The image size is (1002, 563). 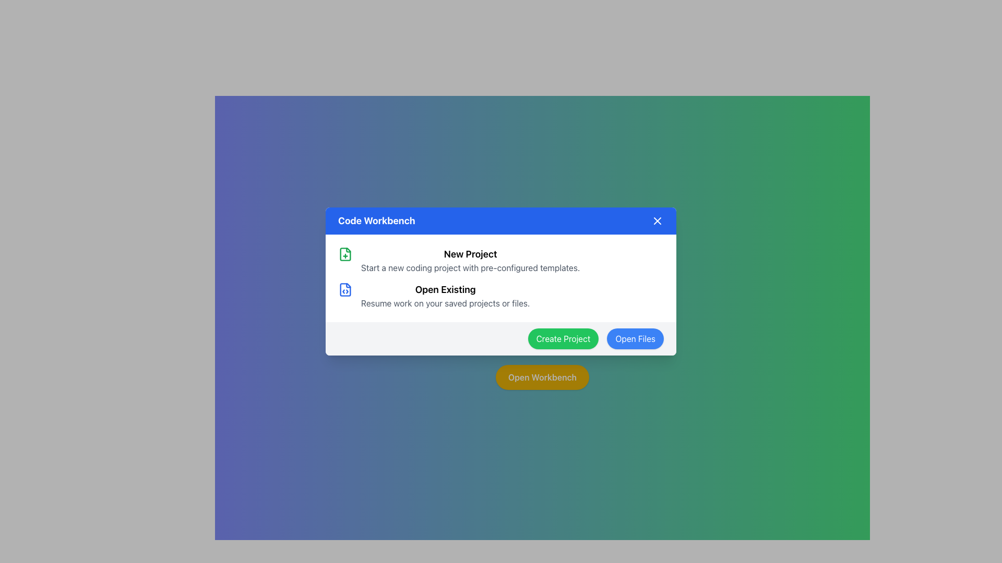 I want to click on the text label that reads 'Resume work on your saved projects or files.' located beneath the heading 'Open Existing' in the 'Code Workbench' modal, so click(x=445, y=303).